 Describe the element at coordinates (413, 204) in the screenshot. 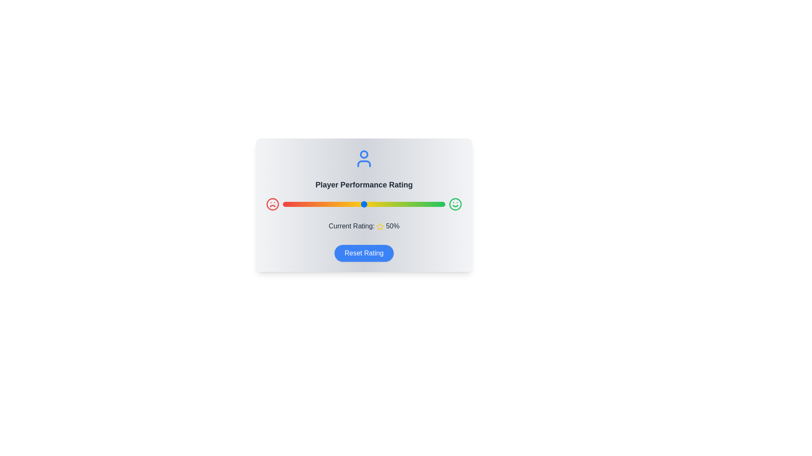

I see `the slider to set the rating to 80%` at that location.